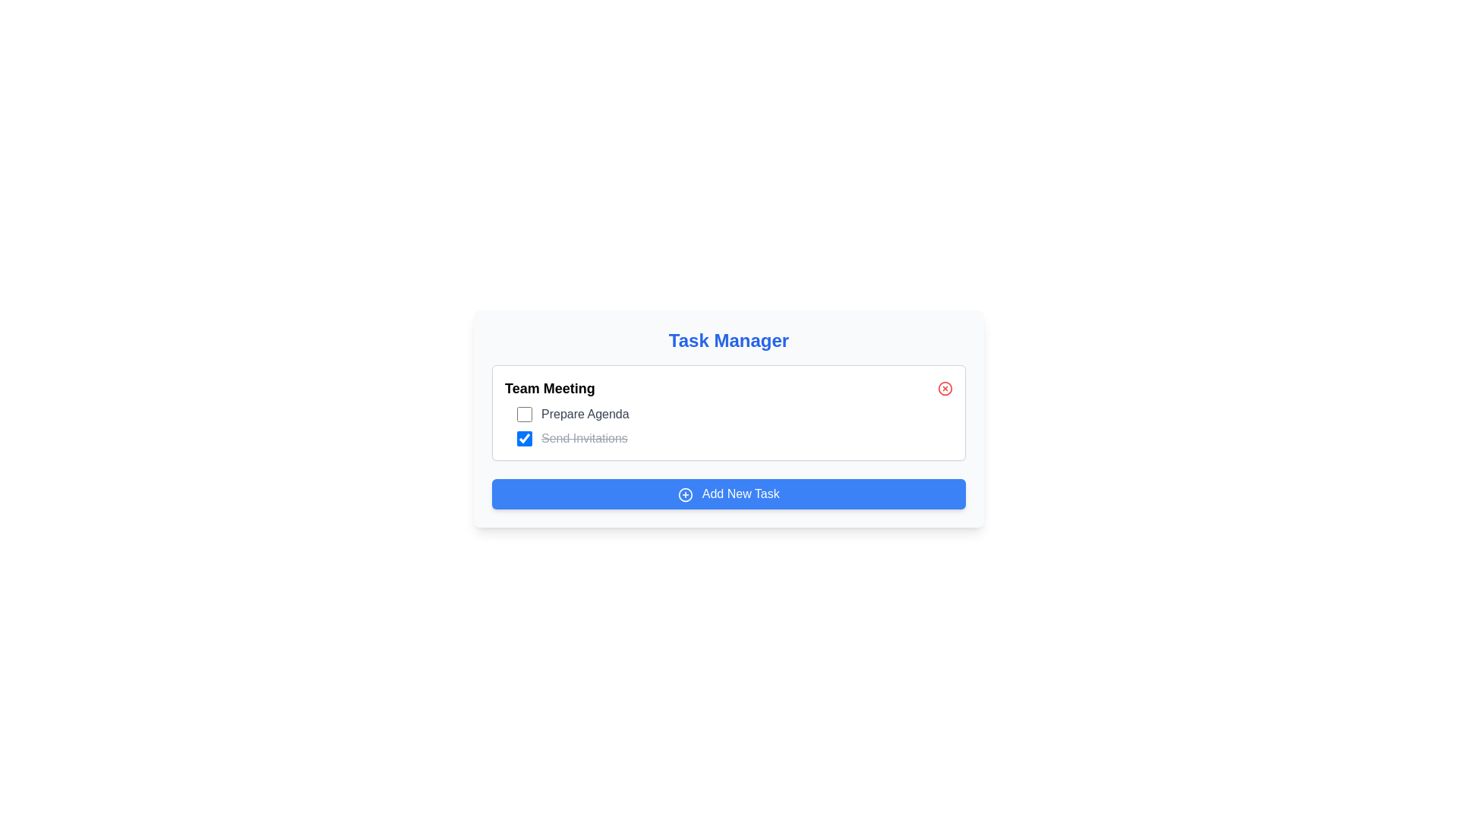 Image resolution: width=1458 pixels, height=820 pixels. Describe the element at coordinates (735, 439) in the screenshot. I see `the task list item labeled 'Send Invitations'` at that location.